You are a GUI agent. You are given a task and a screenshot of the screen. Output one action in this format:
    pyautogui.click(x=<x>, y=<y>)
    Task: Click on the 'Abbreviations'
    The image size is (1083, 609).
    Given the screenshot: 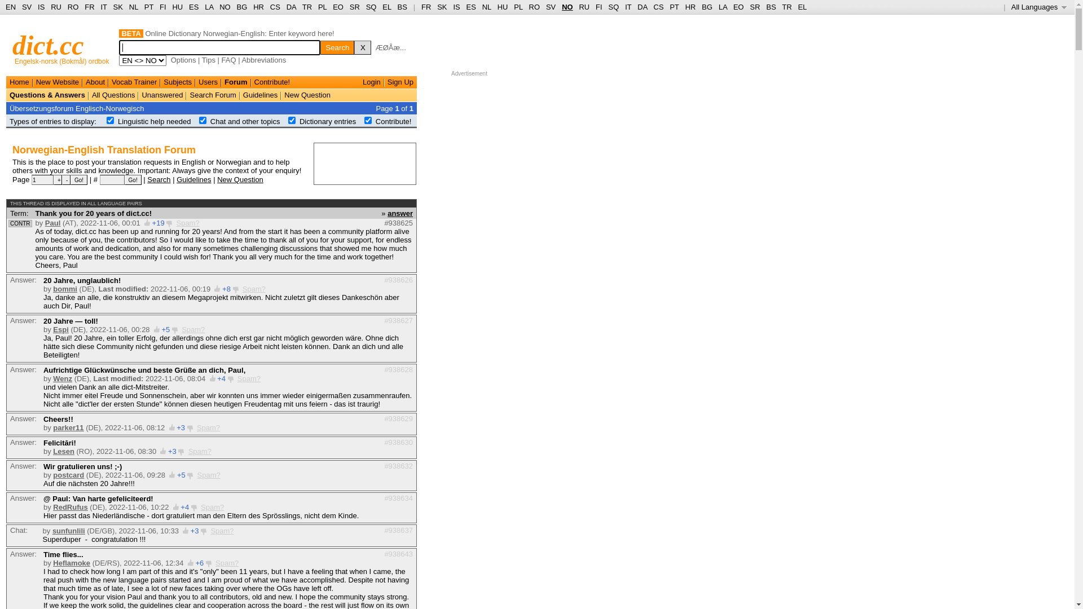 What is the action you would take?
    pyautogui.click(x=240, y=60)
    